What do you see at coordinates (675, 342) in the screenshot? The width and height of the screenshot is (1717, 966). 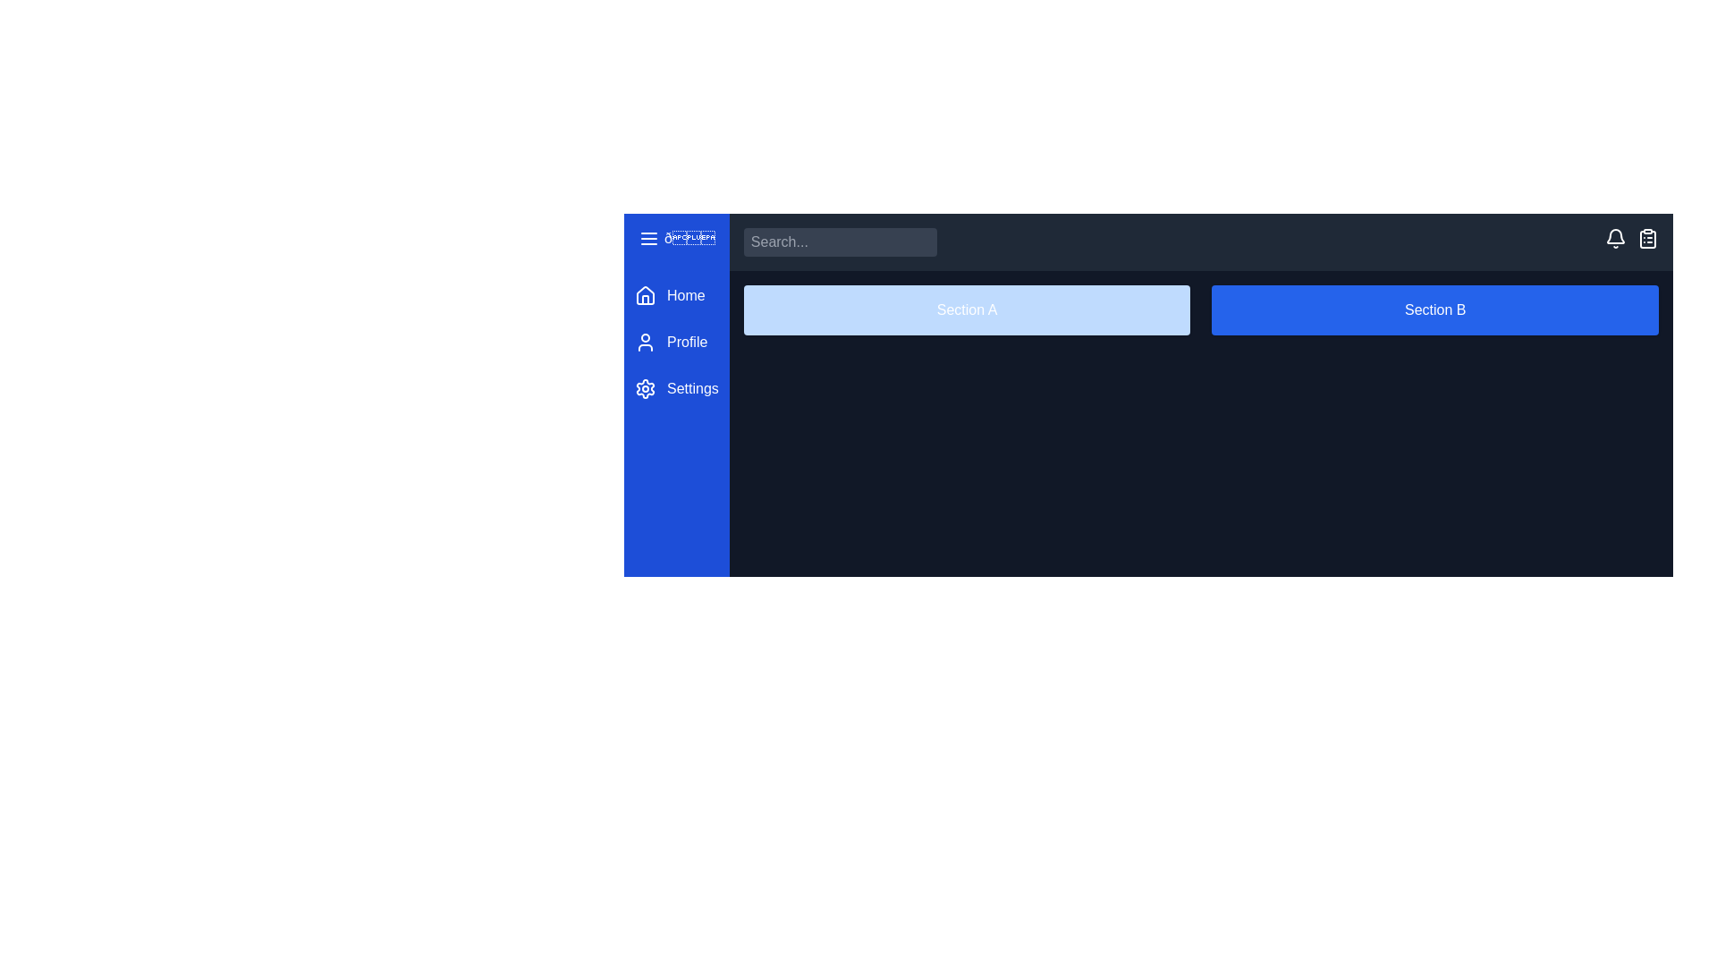 I see `the 'Profile' button in the blue sidebar` at bounding box center [675, 342].